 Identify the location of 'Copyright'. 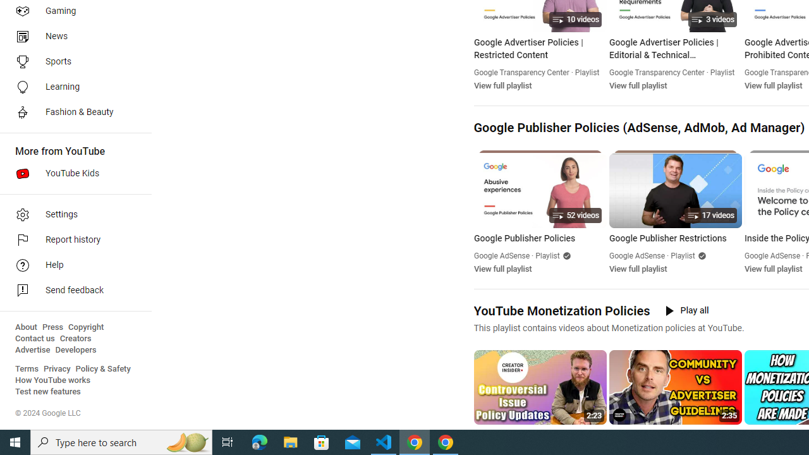
(85, 327).